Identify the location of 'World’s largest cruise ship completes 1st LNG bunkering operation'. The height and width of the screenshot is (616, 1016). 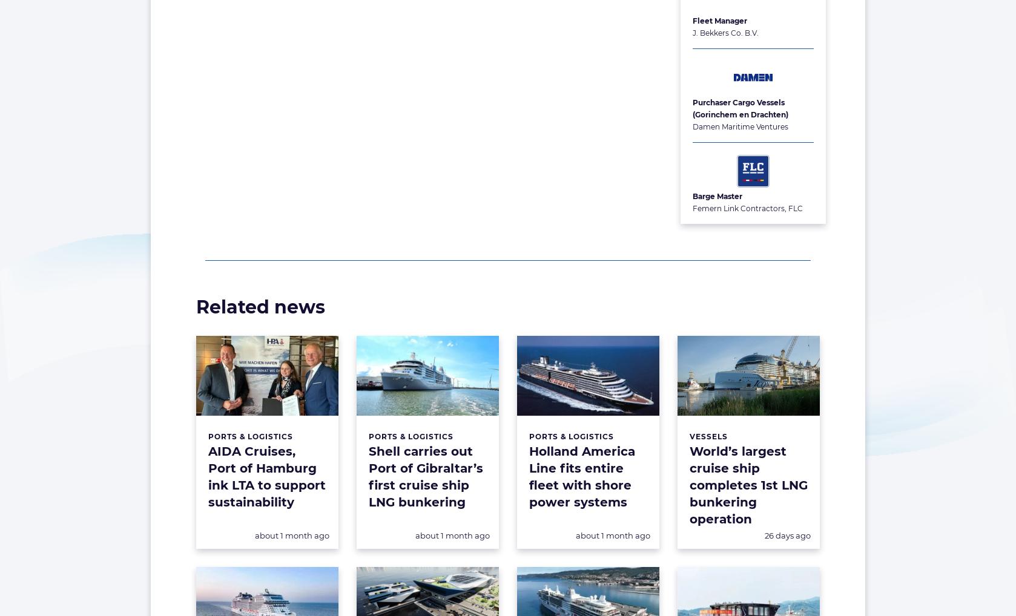
(748, 485).